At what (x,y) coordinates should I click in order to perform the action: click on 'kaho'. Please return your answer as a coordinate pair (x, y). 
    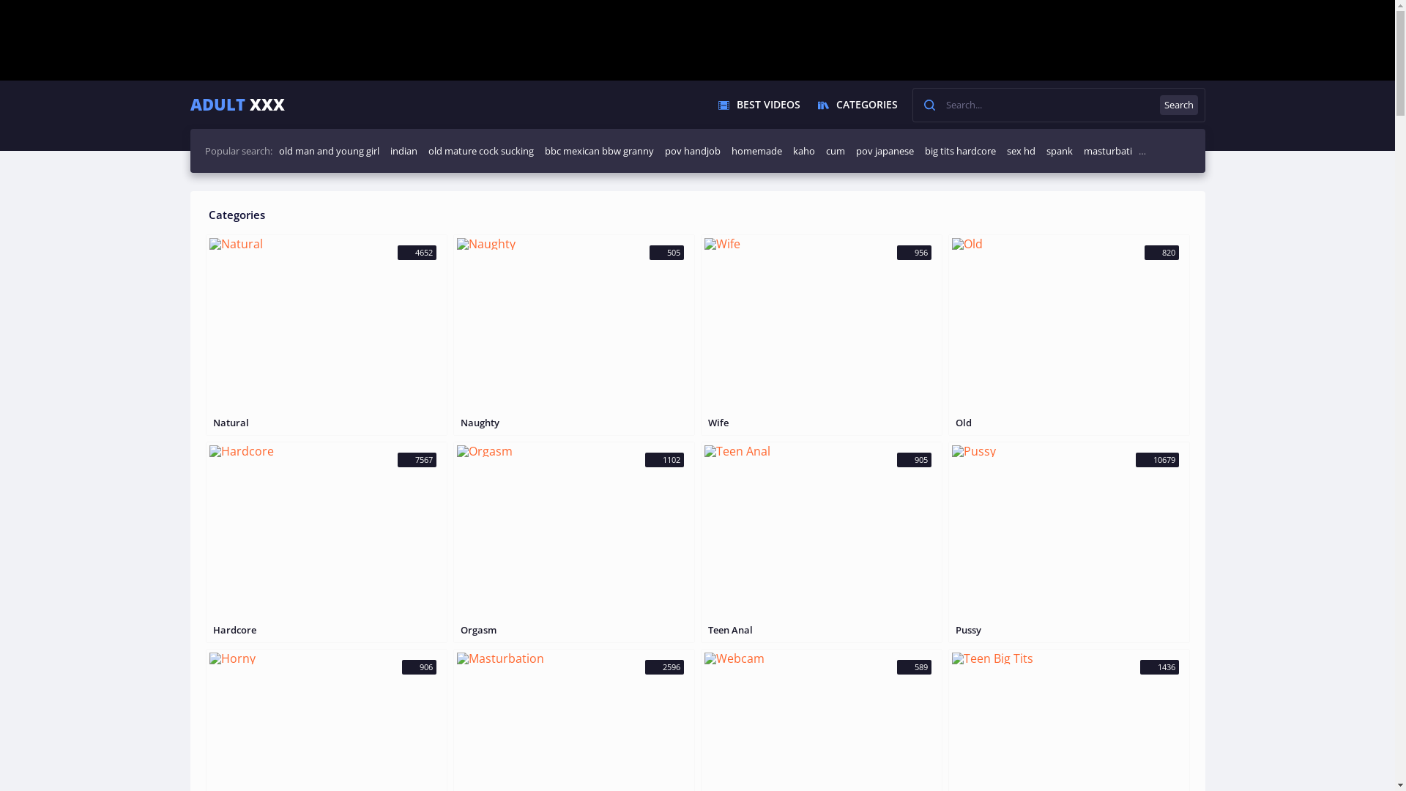
    Looking at the image, I should click on (791, 150).